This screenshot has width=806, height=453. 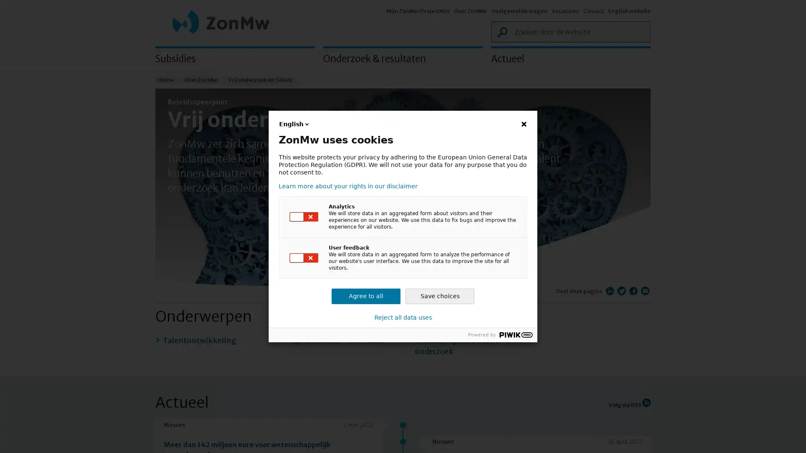 What do you see at coordinates (439, 296) in the screenshot?
I see `Save choices` at bounding box center [439, 296].